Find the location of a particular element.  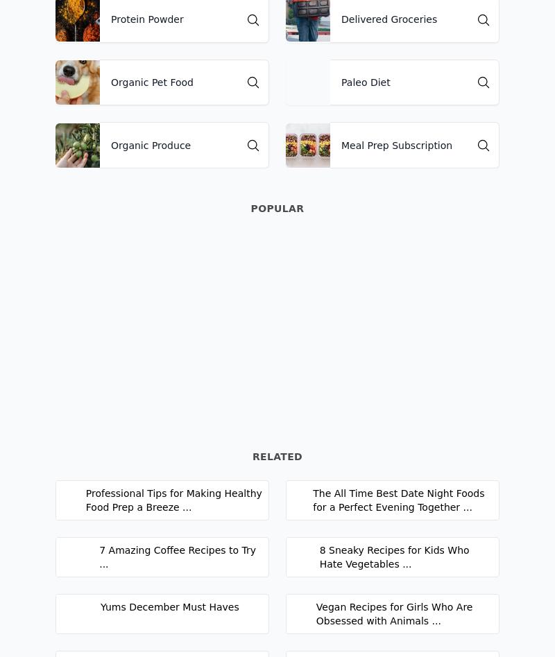

'Yums December Must Haves' is located at coordinates (169, 606).